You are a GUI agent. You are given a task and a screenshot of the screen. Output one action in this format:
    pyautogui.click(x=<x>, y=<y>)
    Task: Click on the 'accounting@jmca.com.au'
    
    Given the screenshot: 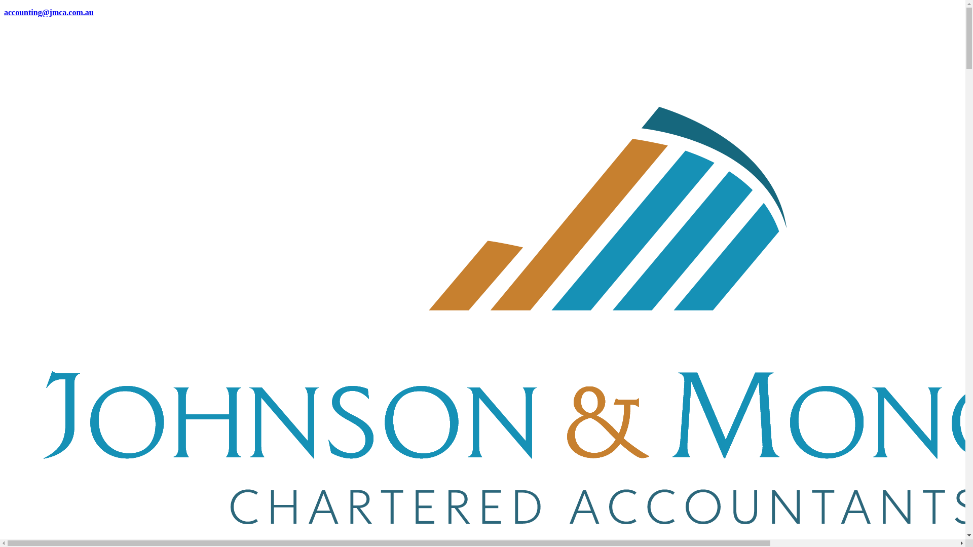 What is the action you would take?
    pyautogui.click(x=48, y=12)
    